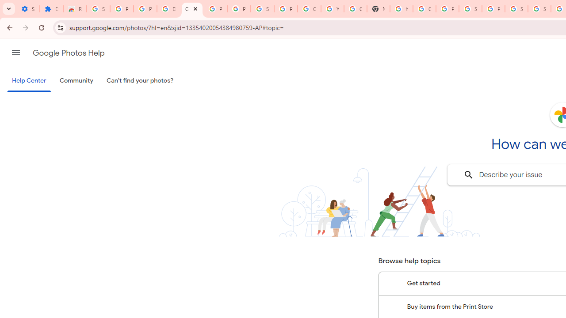 The image size is (566, 318). I want to click on 'Extensions', so click(51, 9).